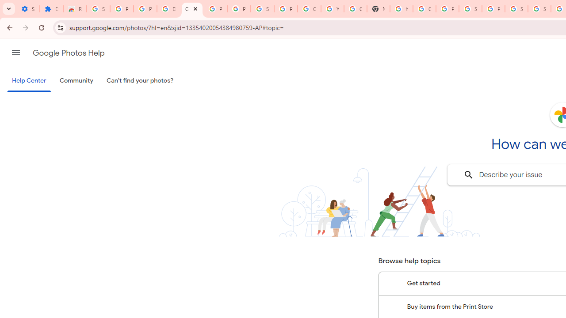 The image size is (566, 318). I want to click on 'Extensions', so click(51, 9).